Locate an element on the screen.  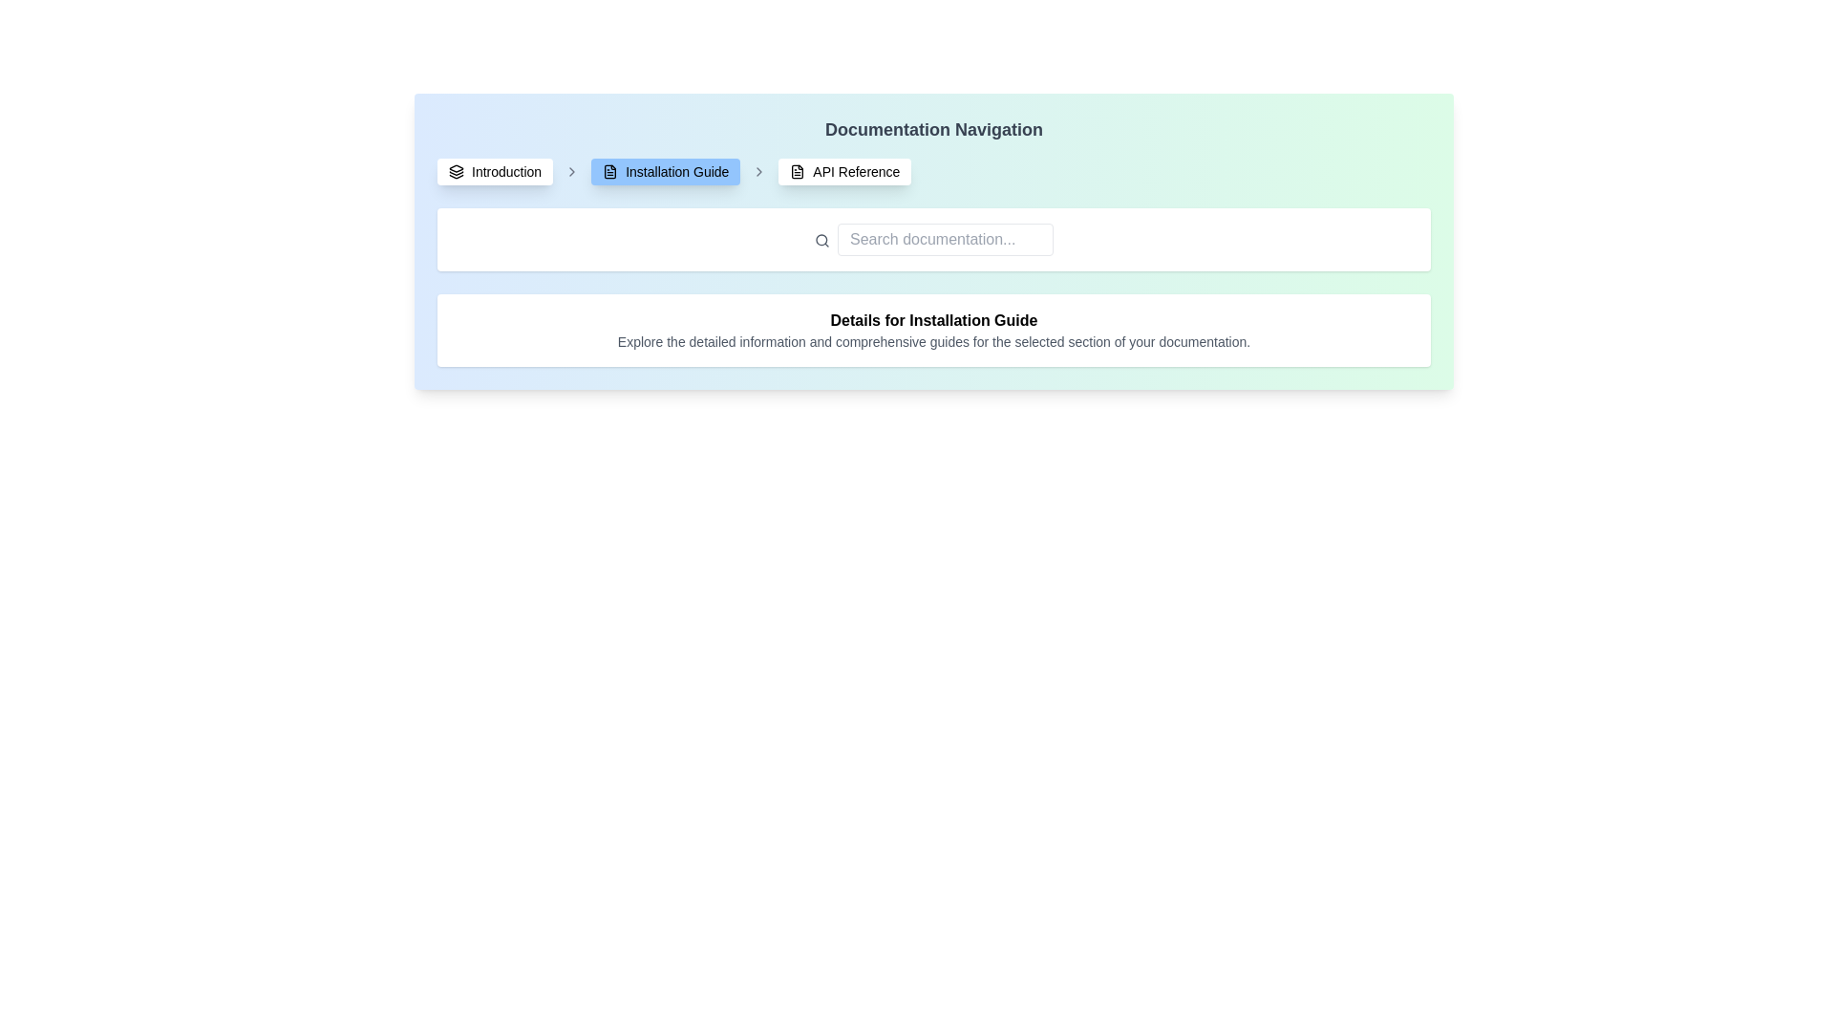
information displayed in the Text Display Block titled 'Details for Installation Guide', located below the search bar in the 'Documentation Navigation' section is located at coordinates (934, 330).